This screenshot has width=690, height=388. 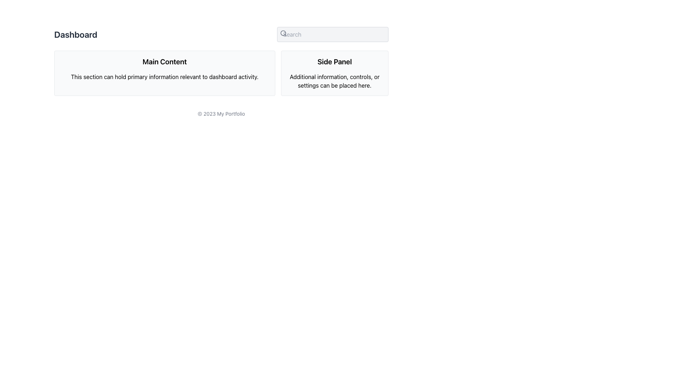 What do you see at coordinates (334, 81) in the screenshot?
I see `descriptive text content located below the 'Side Panel' title in the rightmost column of the interface` at bounding box center [334, 81].